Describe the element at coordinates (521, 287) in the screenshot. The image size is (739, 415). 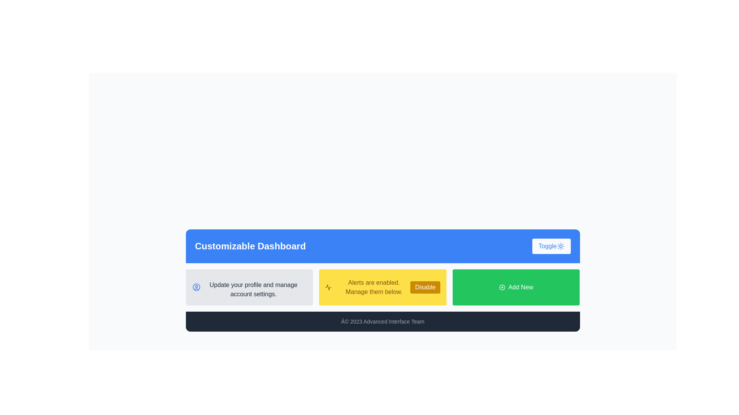
I see `the text label within the green rectangular button that indicates adding something new, located at the bottom-right corner of the interface` at that location.